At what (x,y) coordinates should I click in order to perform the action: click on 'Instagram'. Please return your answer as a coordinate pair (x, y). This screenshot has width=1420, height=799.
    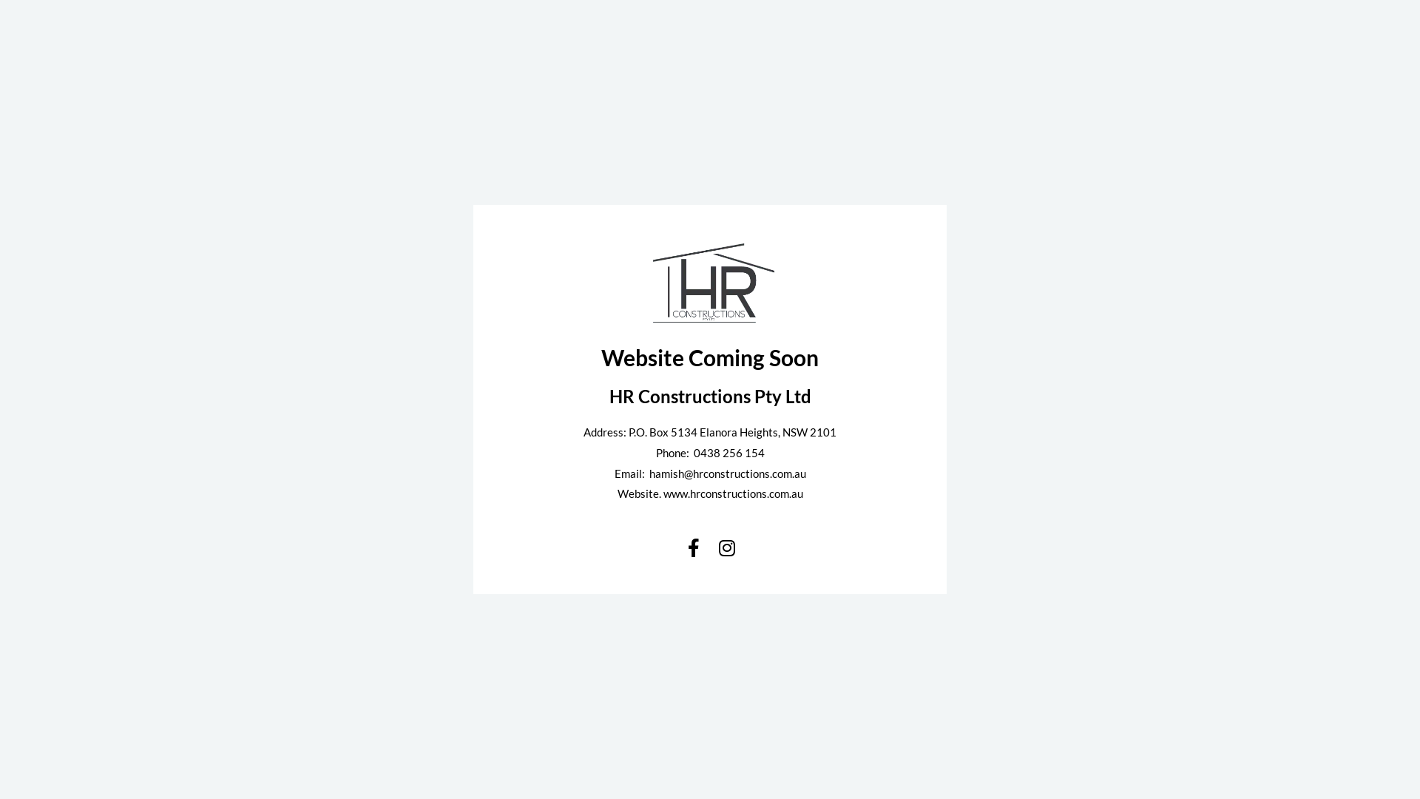
    Looking at the image, I should click on (726, 547).